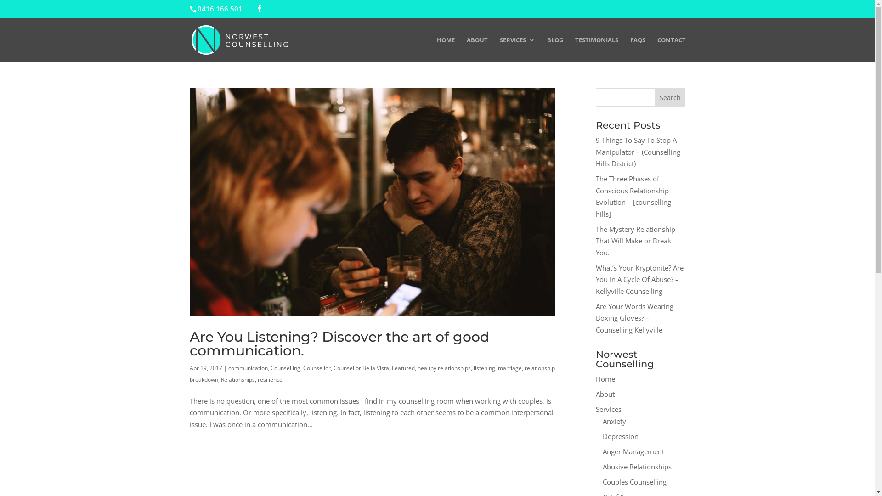 Image resolution: width=882 pixels, height=496 pixels. What do you see at coordinates (670, 97) in the screenshot?
I see `'Search'` at bounding box center [670, 97].